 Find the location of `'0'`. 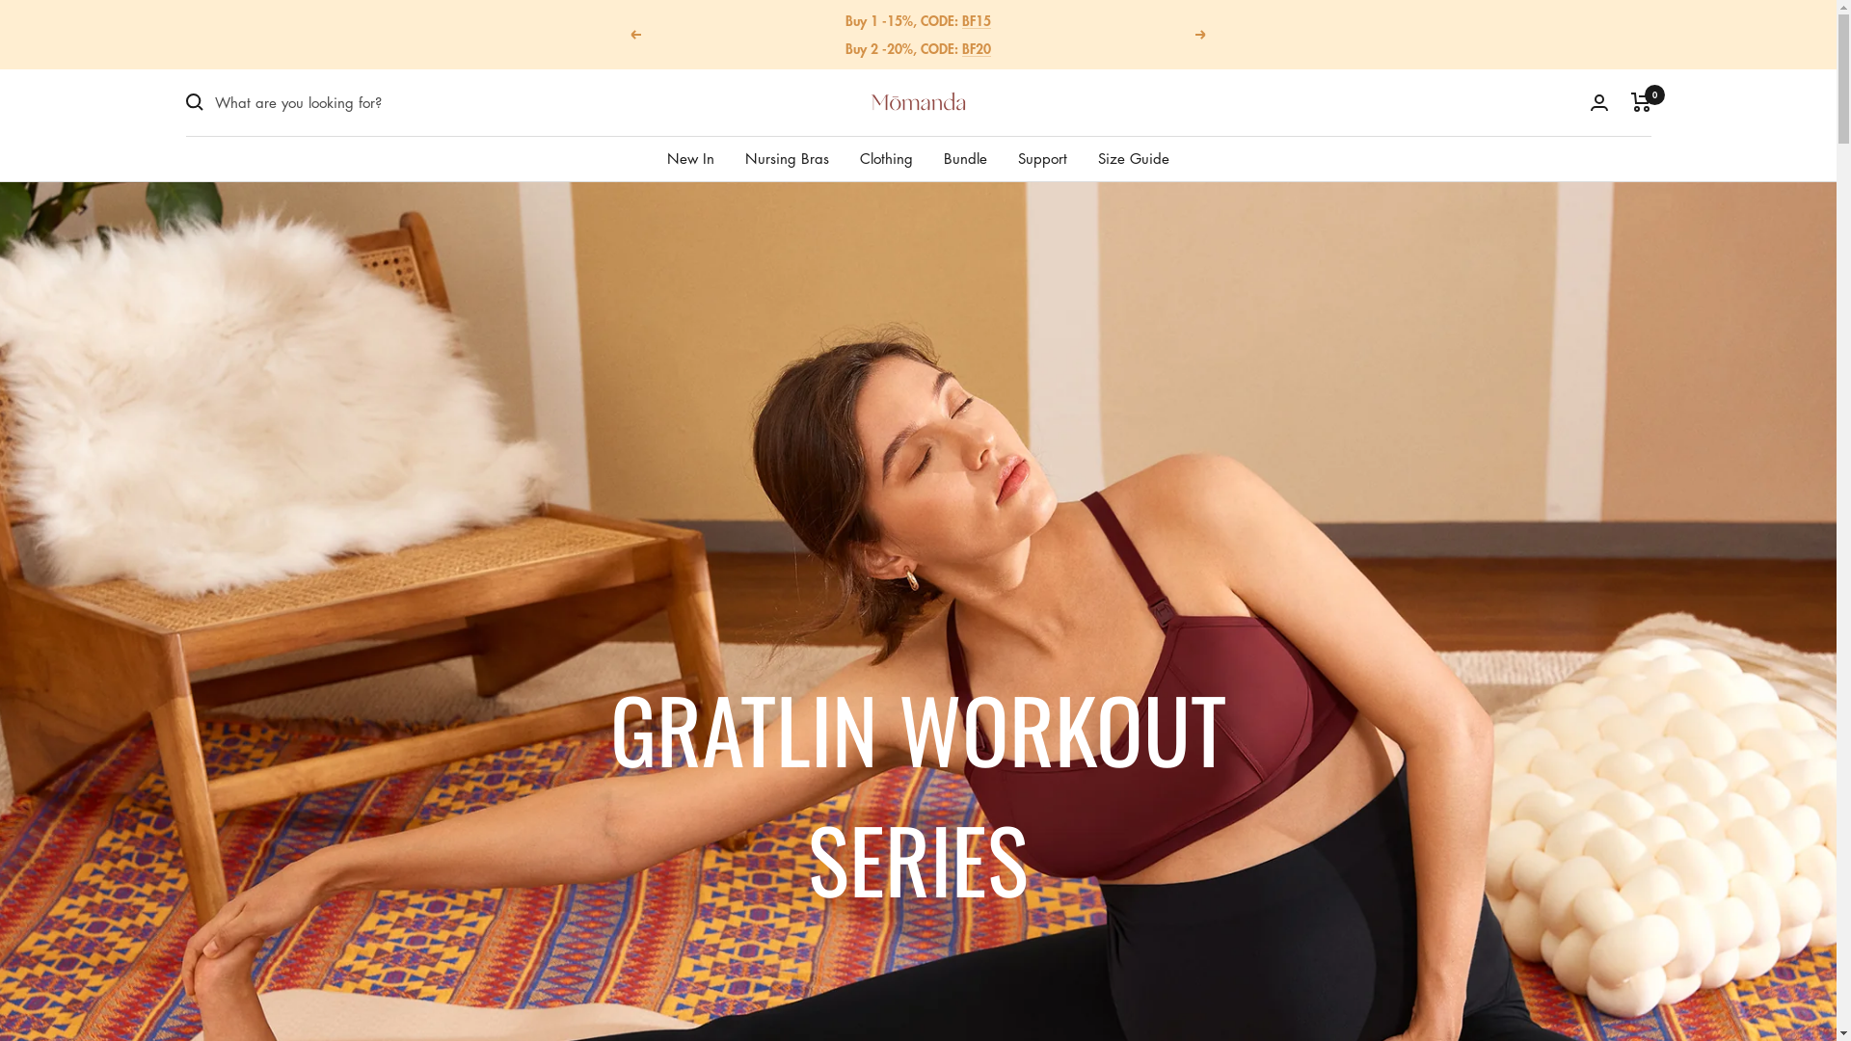

'0' is located at coordinates (1629, 100).